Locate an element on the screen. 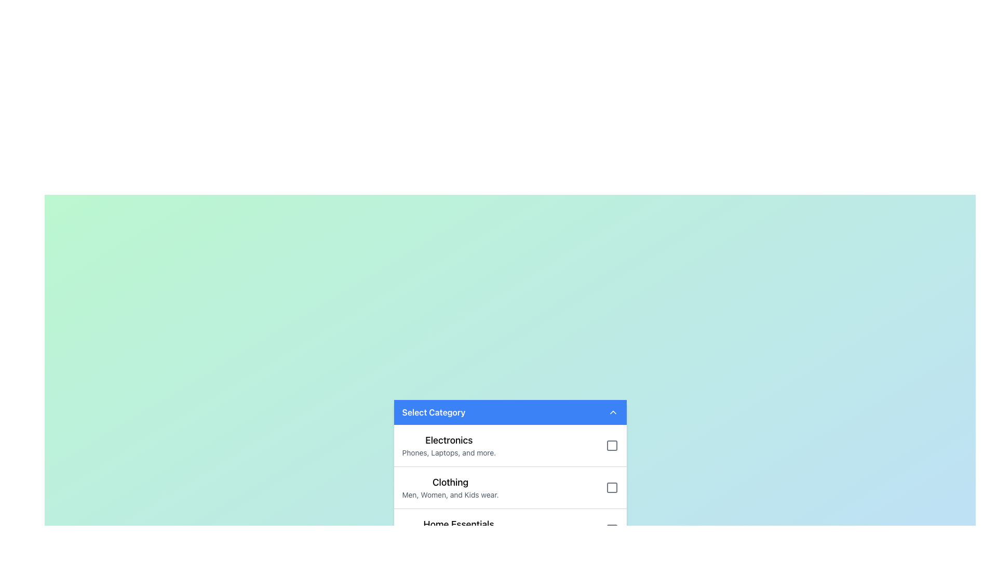 The width and height of the screenshot is (997, 561). the graphical icon associated with the 'Home Essentials' text located in the bottom-right corner of the list item is located at coordinates (612, 529).